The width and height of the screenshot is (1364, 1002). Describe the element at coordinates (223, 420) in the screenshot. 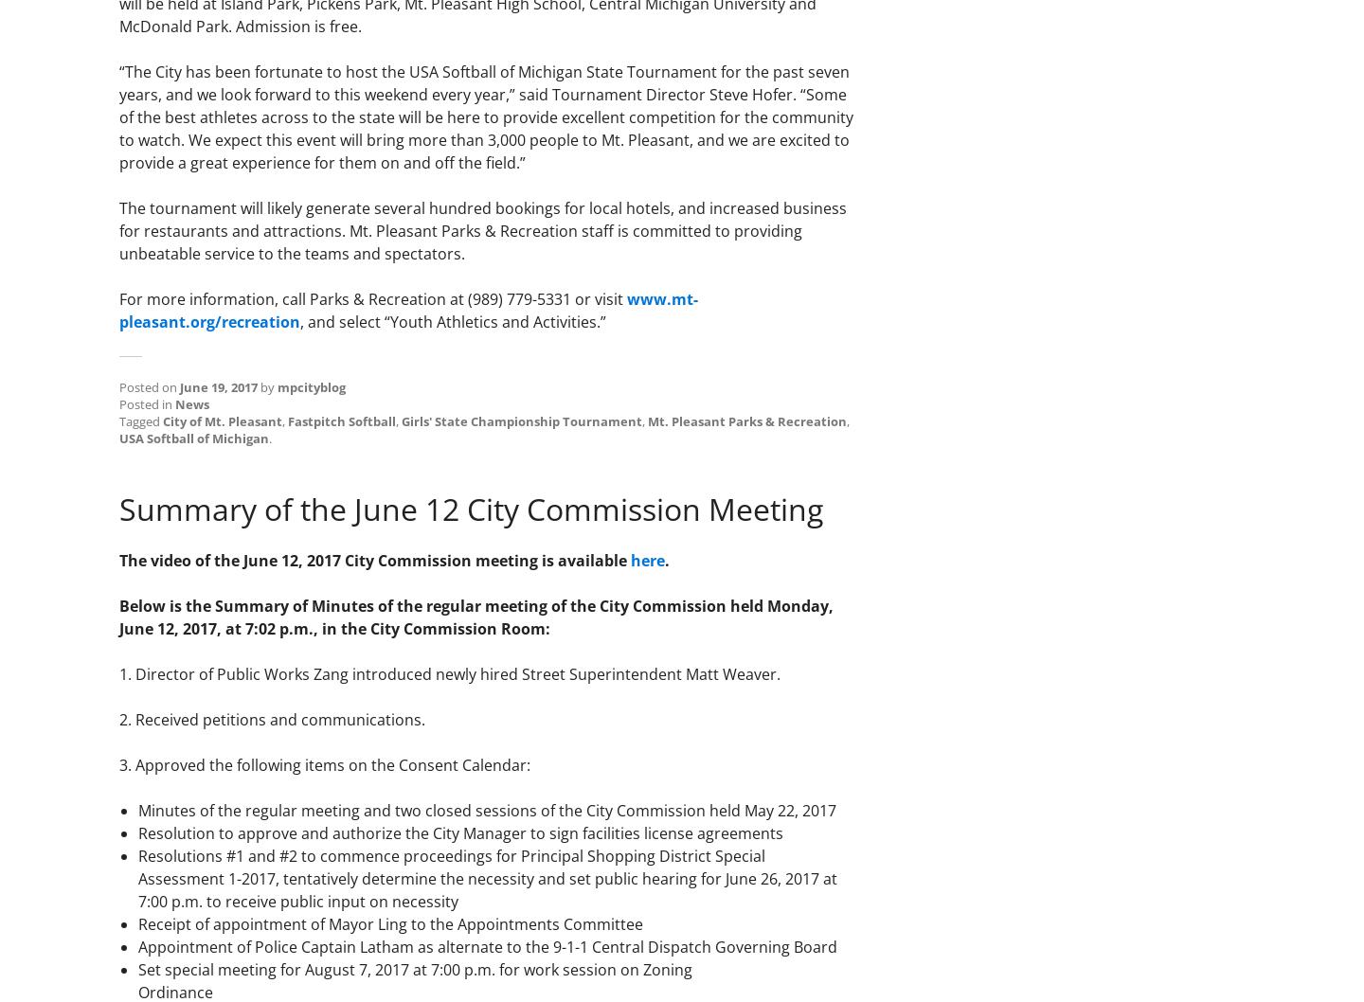

I see `'City of Mt. Pleasant'` at that location.